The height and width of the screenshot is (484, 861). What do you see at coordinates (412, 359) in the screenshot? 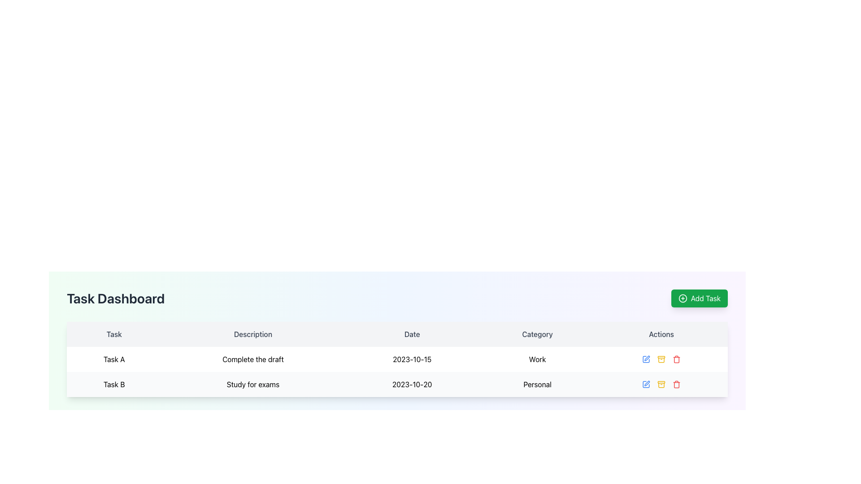
I see `the non-interactive text label displaying the date for the task 'Complete the draft', located in the third cell of the 'Date' column in the Task Dashboard interface` at bounding box center [412, 359].